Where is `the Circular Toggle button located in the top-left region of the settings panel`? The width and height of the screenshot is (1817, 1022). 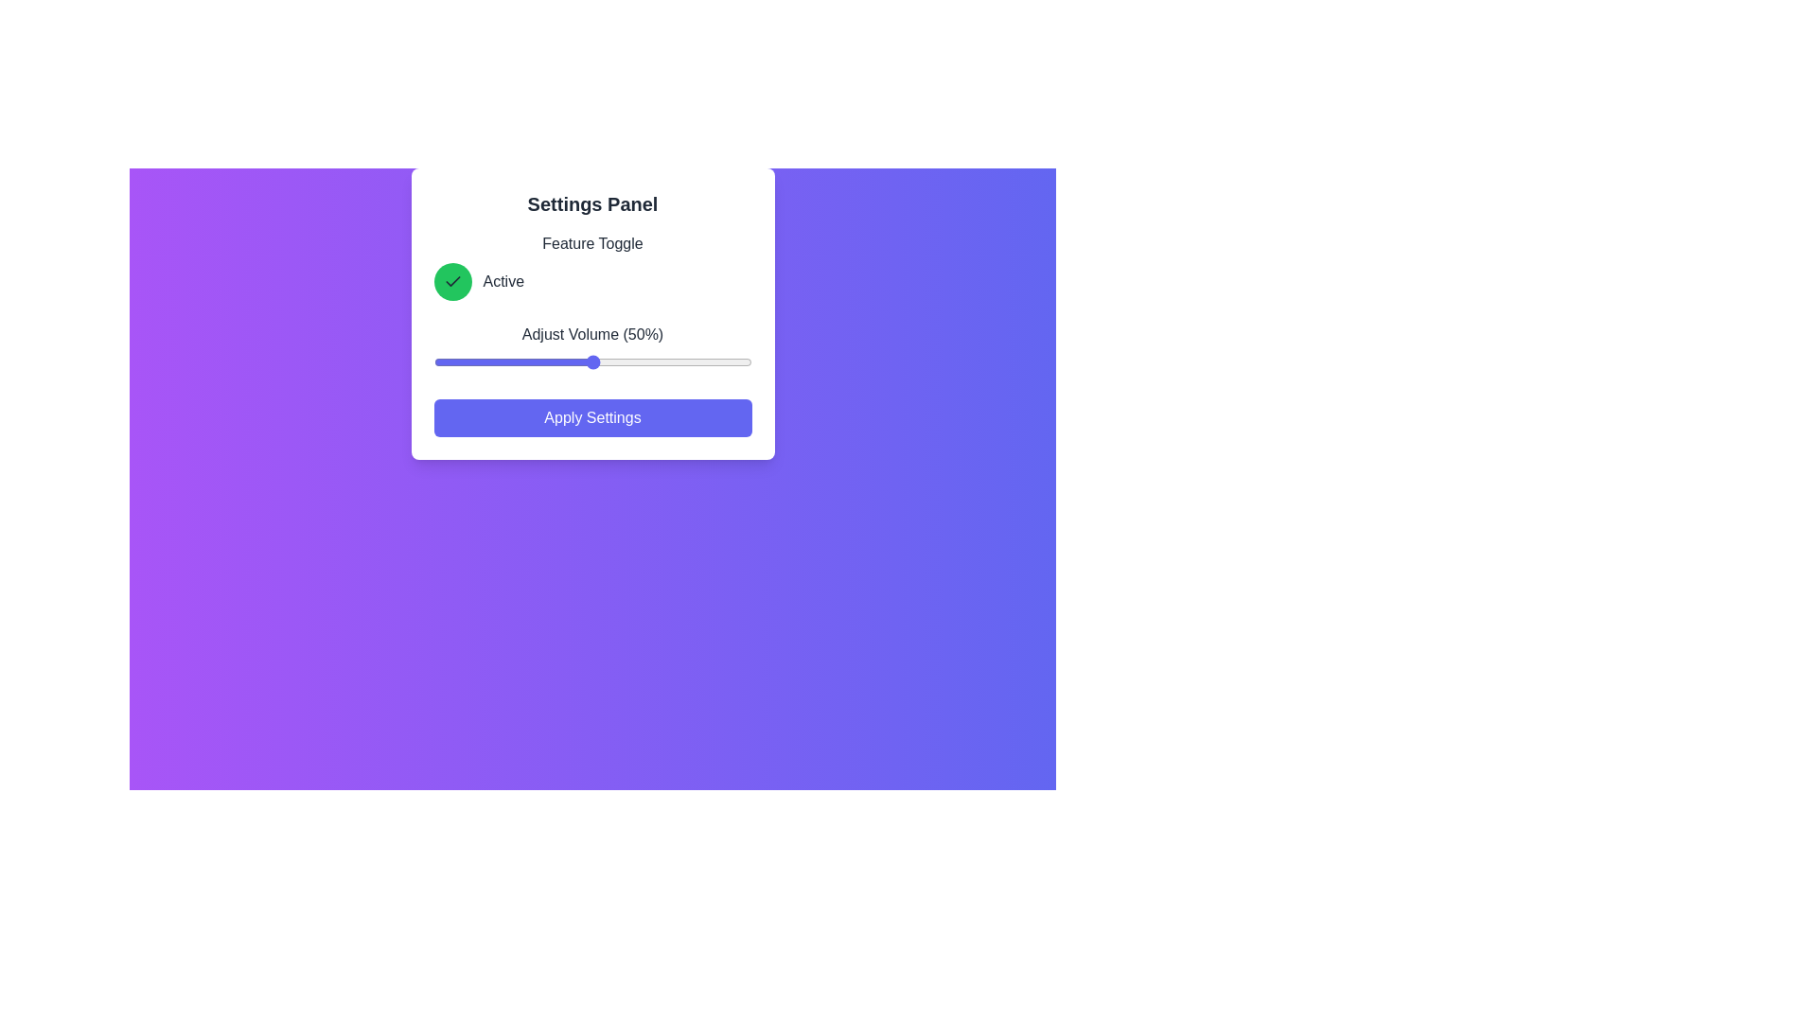 the Circular Toggle button located in the top-left region of the settings panel is located at coordinates (451, 281).